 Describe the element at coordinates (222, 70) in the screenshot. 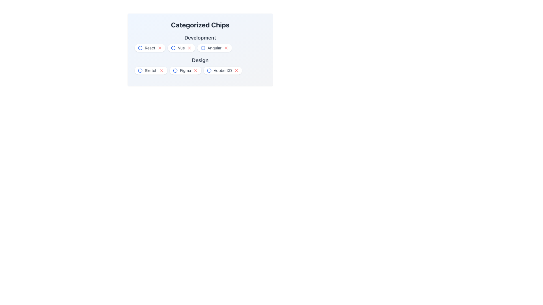

I see `the chip element labeled 'Adobe XD', which is styled as a selectable option in the 'Design' category` at that location.